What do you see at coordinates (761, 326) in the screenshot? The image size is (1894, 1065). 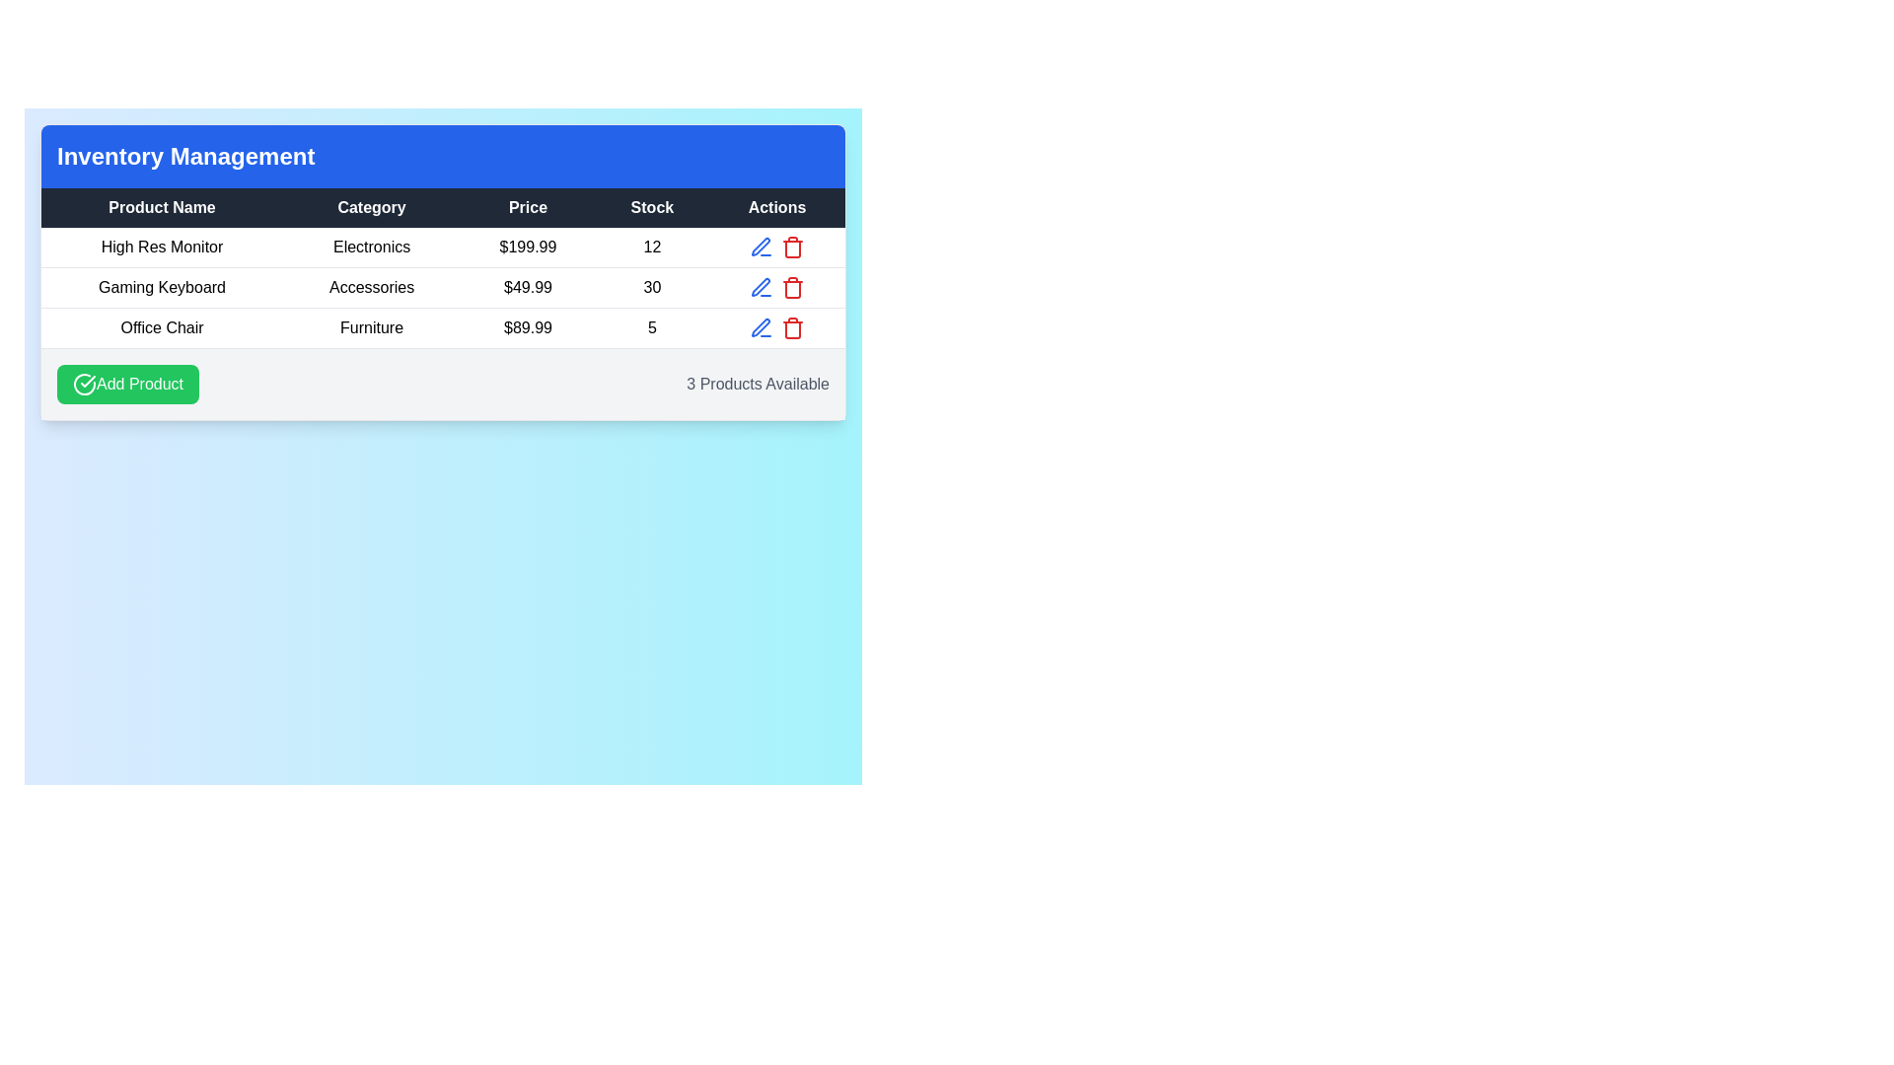 I see `the edit icon button located in the rightmost column labeled 'Actions' of the third row in the table` at bounding box center [761, 326].